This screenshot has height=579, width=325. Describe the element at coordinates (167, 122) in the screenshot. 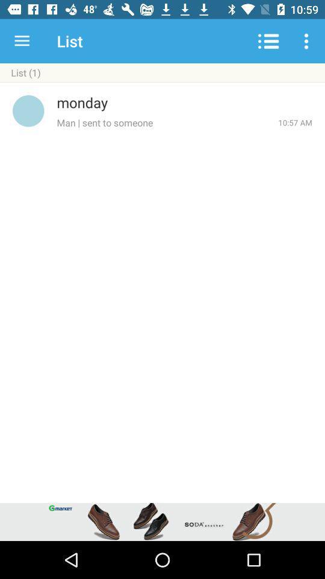

I see `the item to the left of the 10:57 am icon` at that location.